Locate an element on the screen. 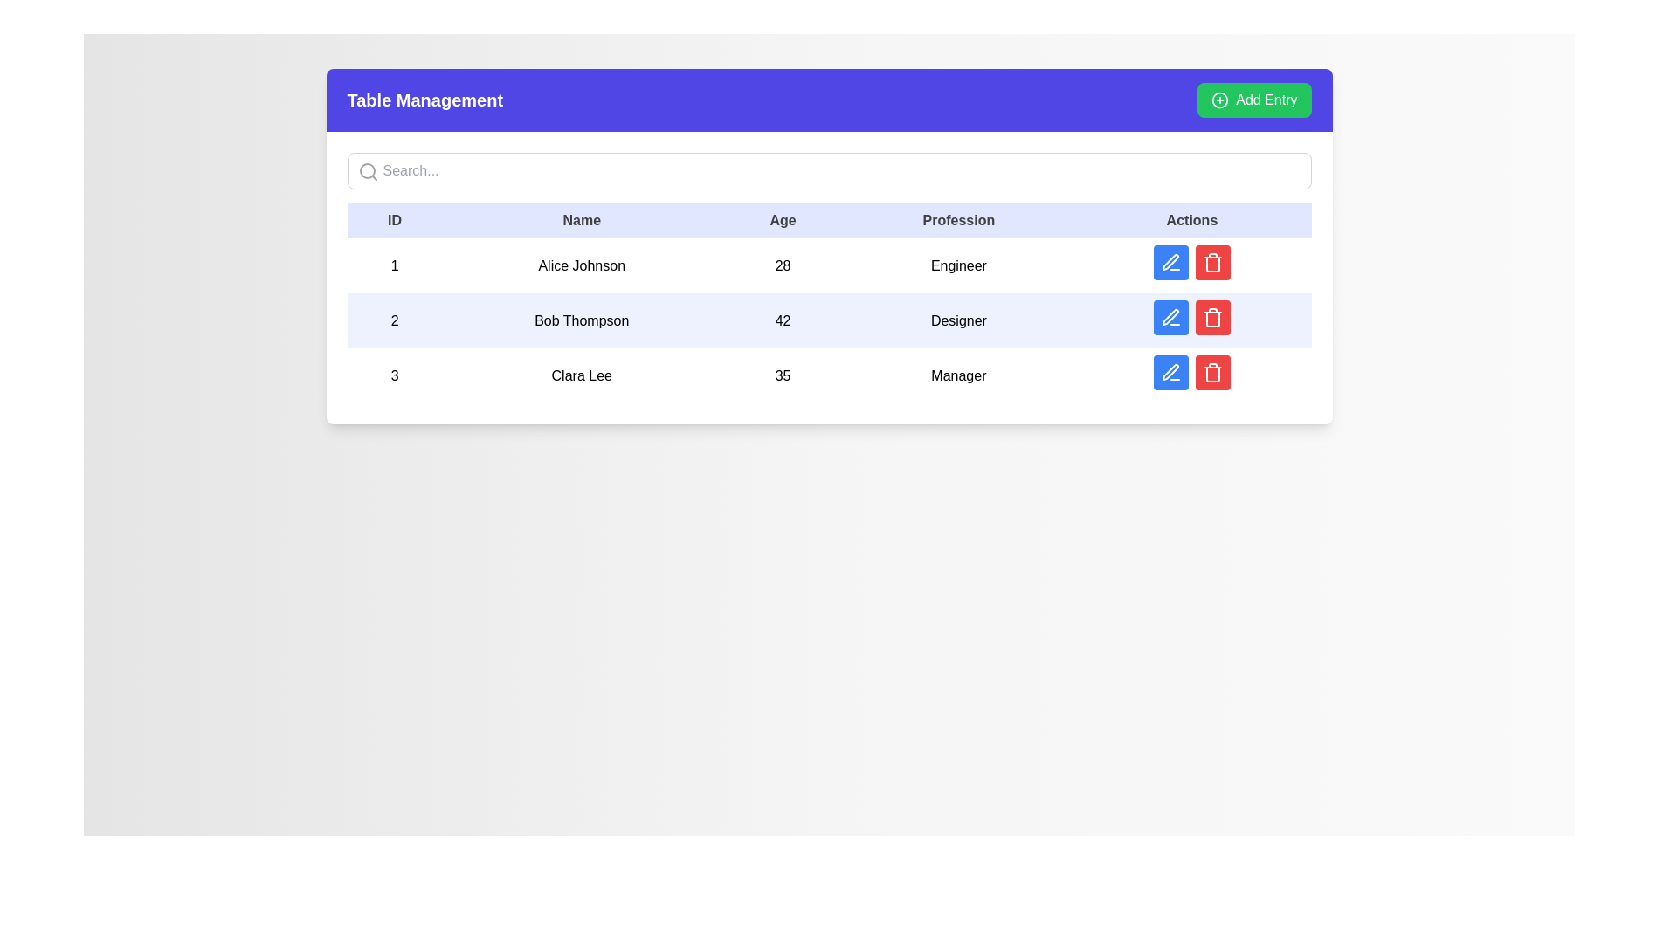 The image size is (1677, 943). the trash can icon button with a white color on a red circular background is located at coordinates (1211, 372).